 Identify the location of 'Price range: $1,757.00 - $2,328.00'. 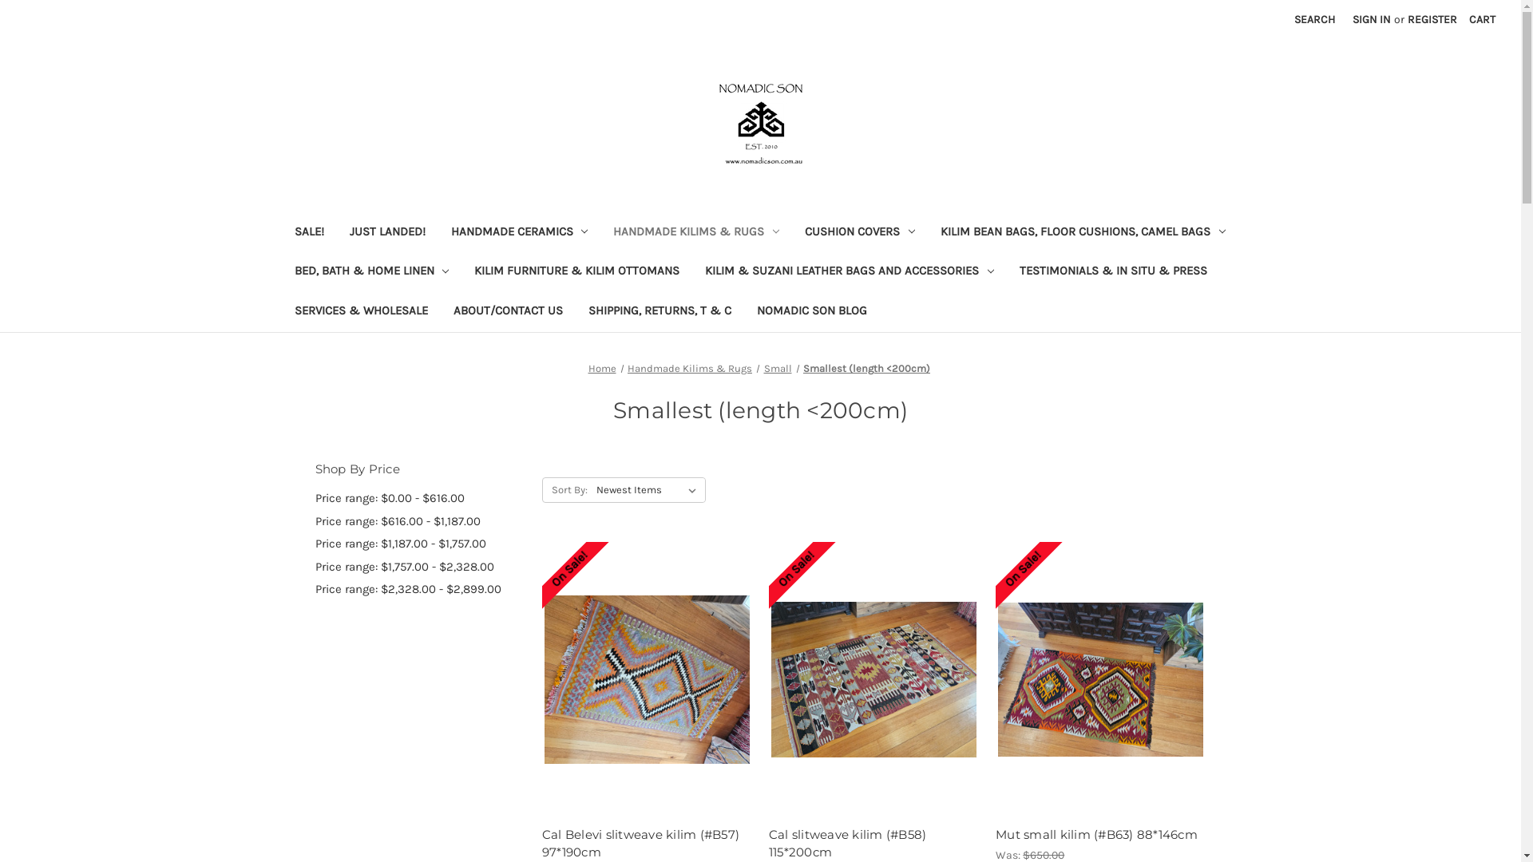
(419, 566).